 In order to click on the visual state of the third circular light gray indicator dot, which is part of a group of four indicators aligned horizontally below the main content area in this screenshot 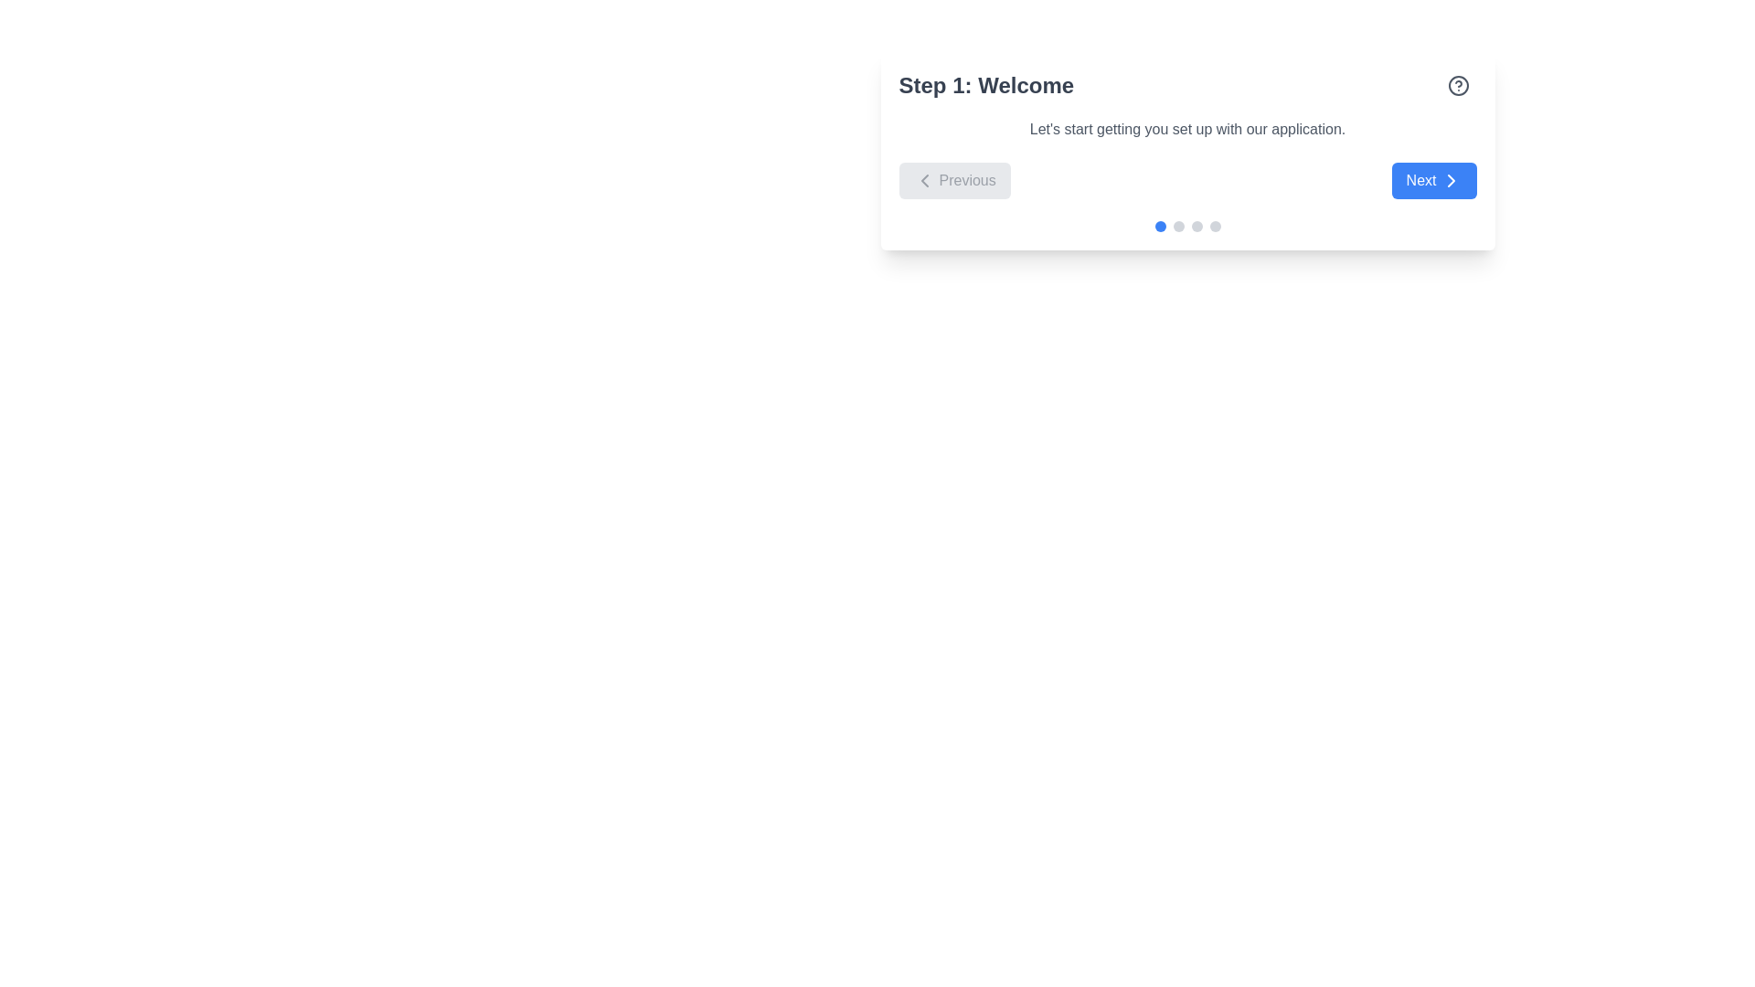, I will do `click(1197, 225)`.